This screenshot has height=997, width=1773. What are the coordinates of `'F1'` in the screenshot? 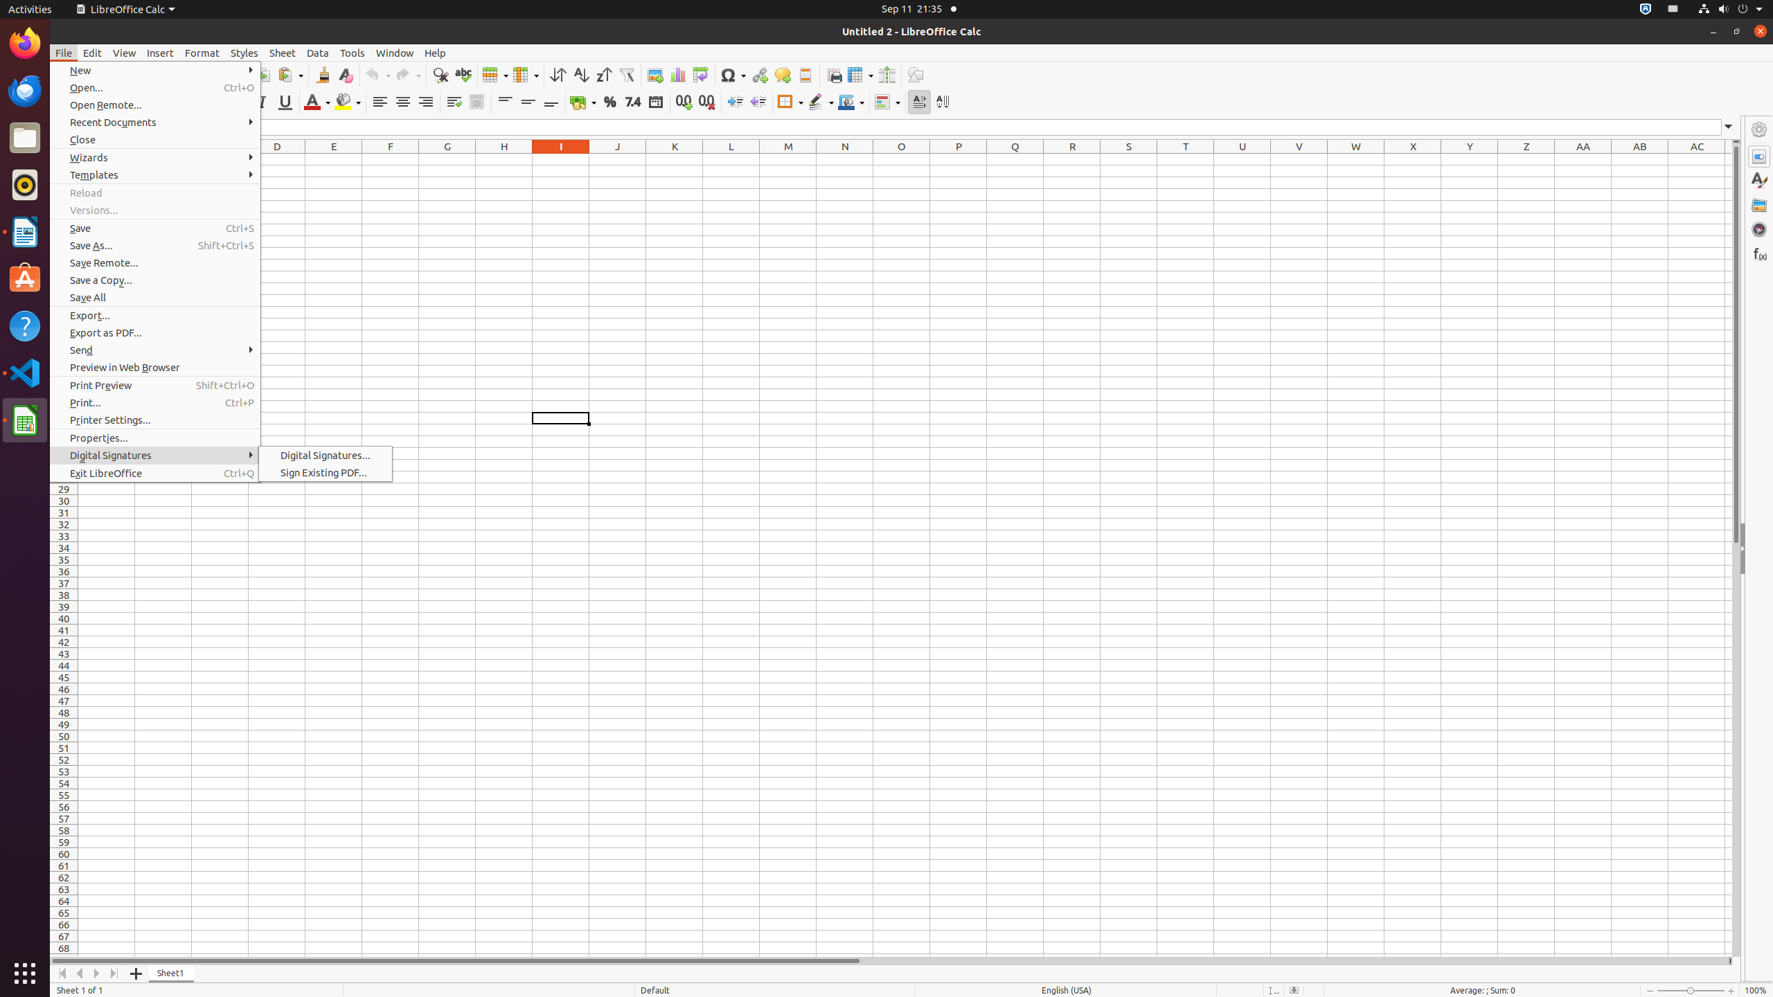 It's located at (389, 159).